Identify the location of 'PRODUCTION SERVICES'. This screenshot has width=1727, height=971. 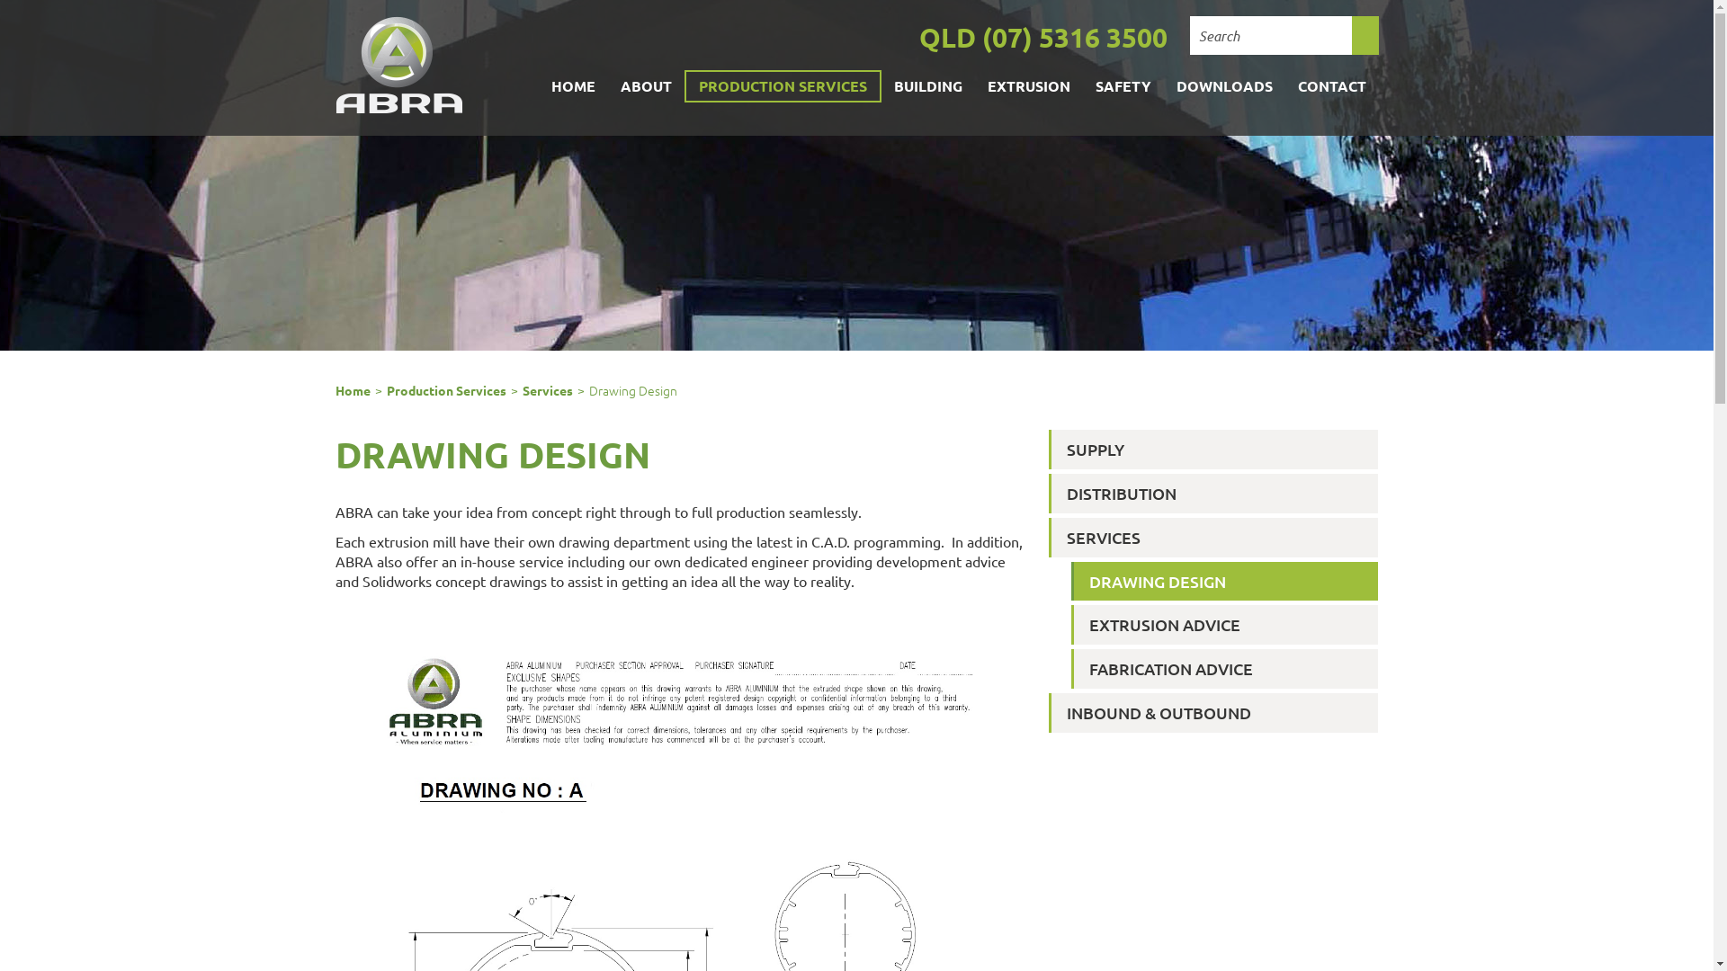
(682, 86).